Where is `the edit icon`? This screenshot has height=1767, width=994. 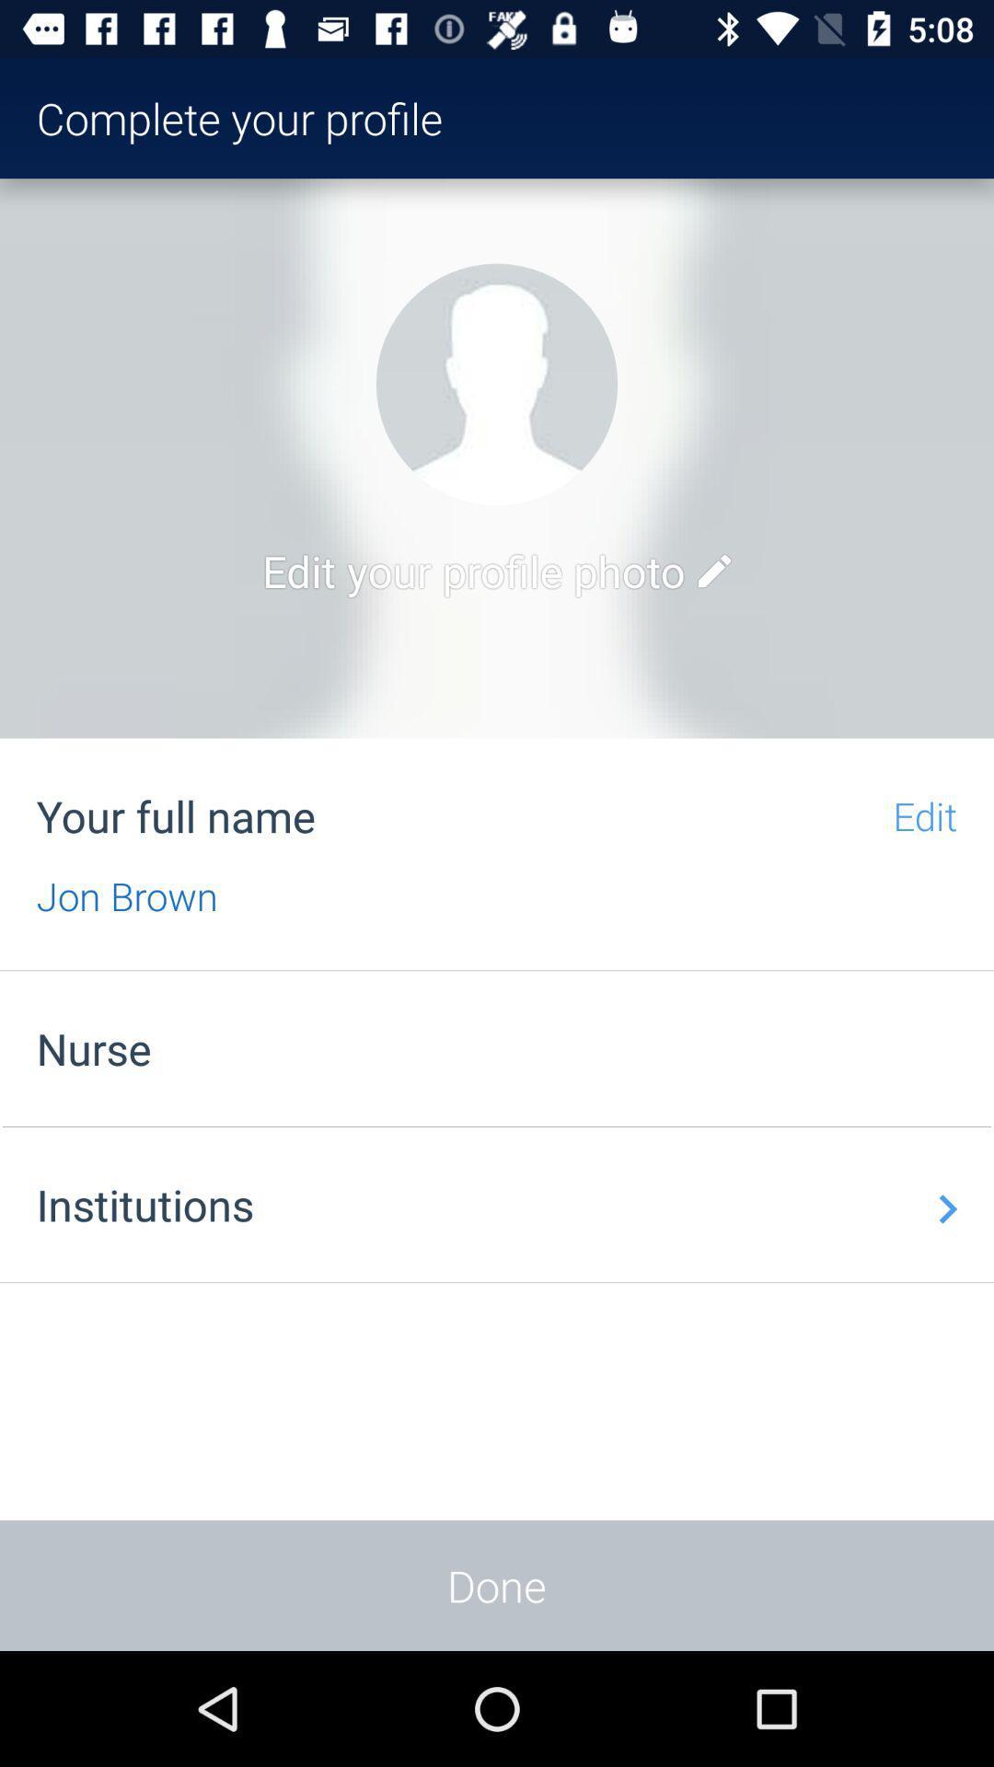
the edit icon is located at coordinates (713, 570).